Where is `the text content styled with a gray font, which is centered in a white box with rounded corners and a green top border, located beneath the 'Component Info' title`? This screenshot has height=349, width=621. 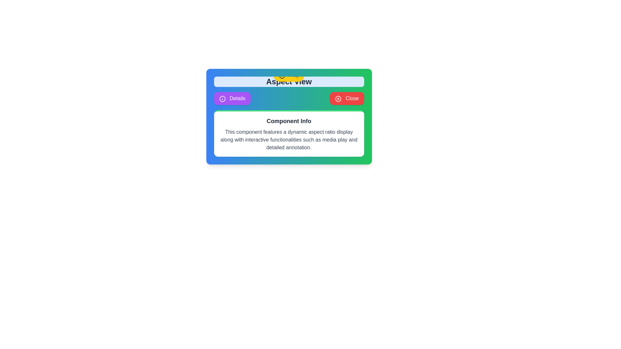 the text content styled with a gray font, which is centered in a white box with rounded corners and a green top border, located beneath the 'Component Info' title is located at coordinates (289, 139).